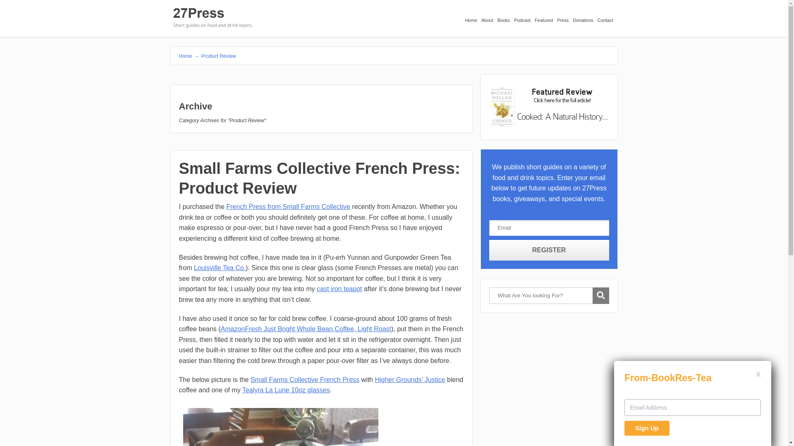 The width and height of the screenshot is (794, 446). Describe the element at coordinates (489, 18) in the screenshot. I see `'About'` at that location.